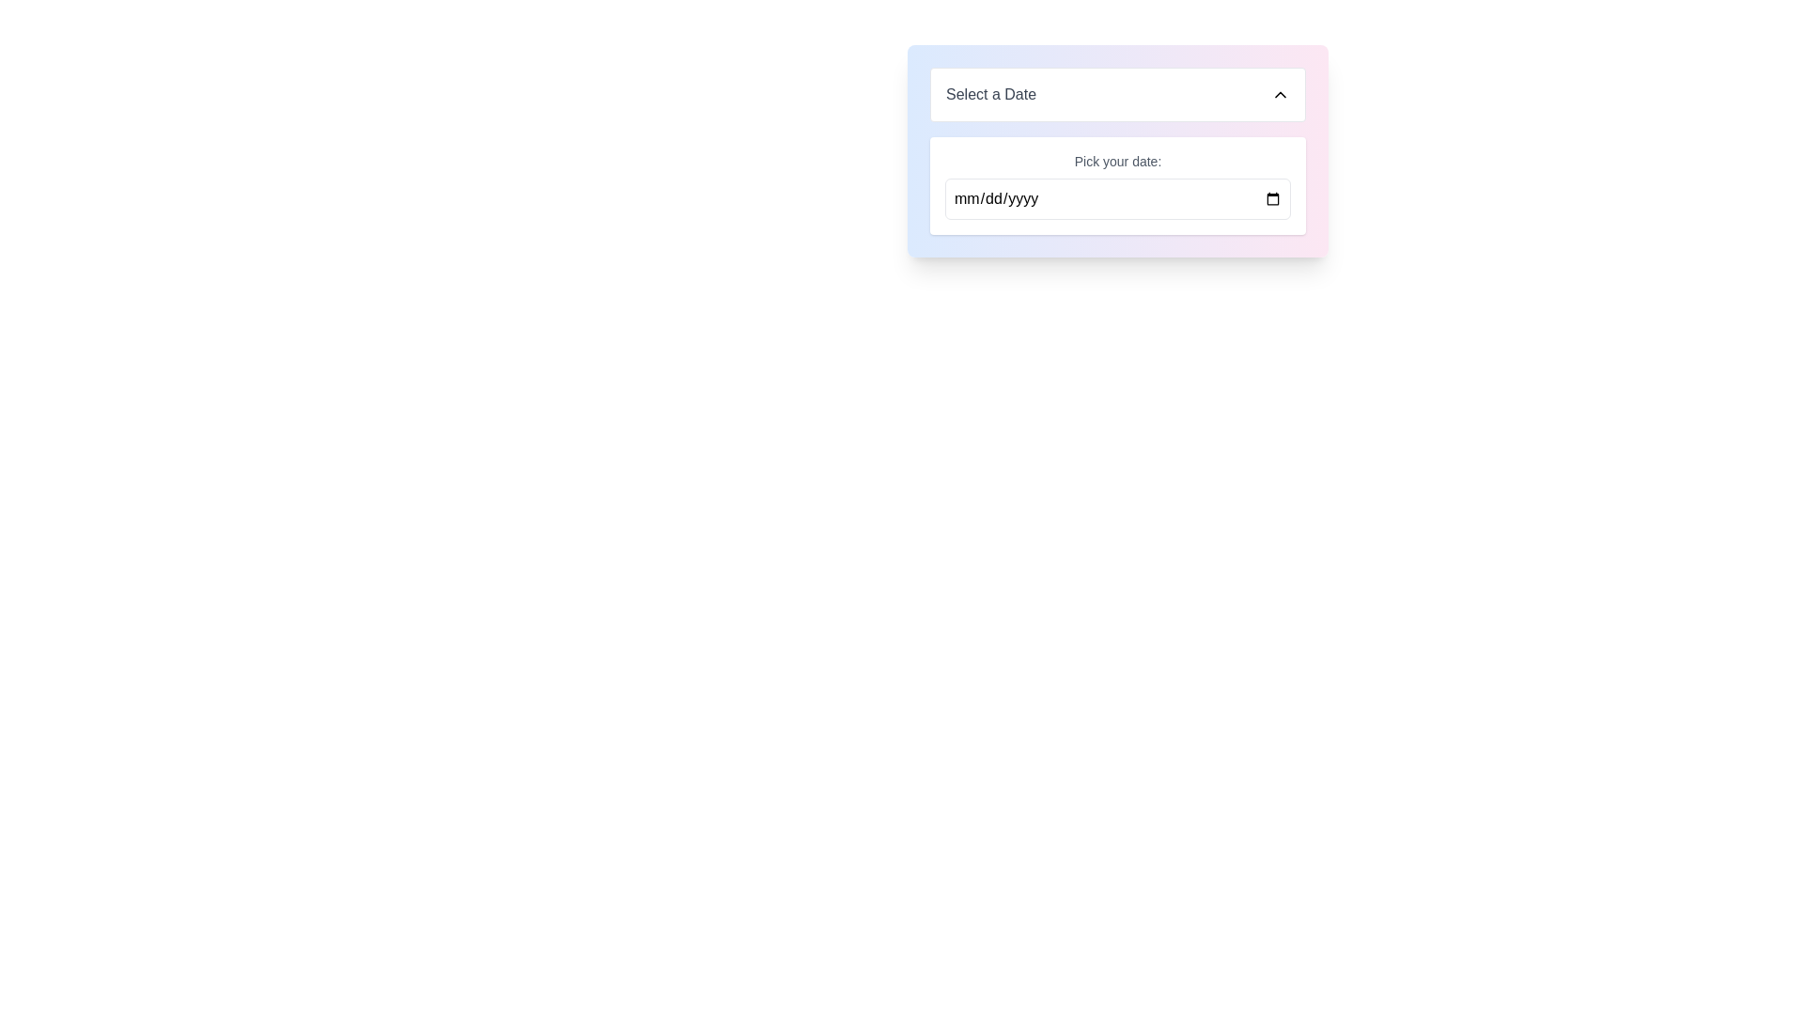  Describe the element at coordinates (1118, 161) in the screenshot. I see `the label containing the text 'Pick your date:' which is styled in small gray text and positioned above a date picker input field` at that location.